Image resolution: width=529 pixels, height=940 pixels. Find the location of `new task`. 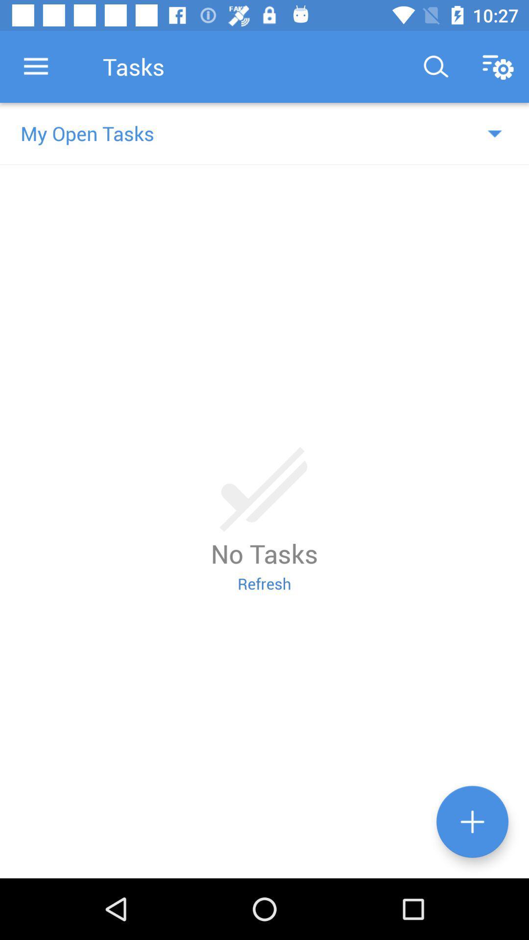

new task is located at coordinates (472, 822).